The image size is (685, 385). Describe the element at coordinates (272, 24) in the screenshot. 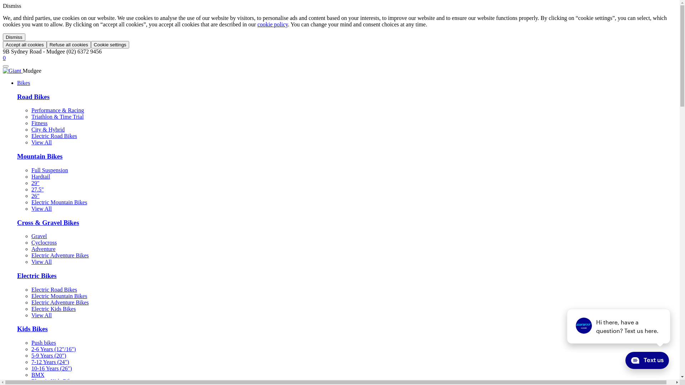

I see `'cookie policy'` at that location.